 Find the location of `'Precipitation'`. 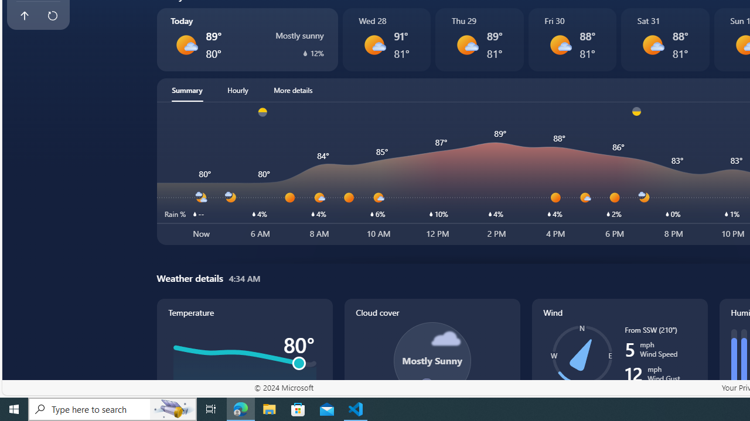

'Precipitation' is located at coordinates (305, 53).